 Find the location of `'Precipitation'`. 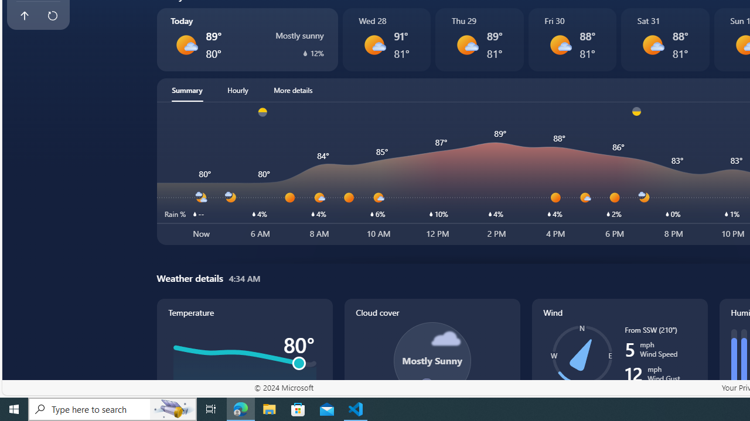

'Precipitation' is located at coordinates (305, 53).